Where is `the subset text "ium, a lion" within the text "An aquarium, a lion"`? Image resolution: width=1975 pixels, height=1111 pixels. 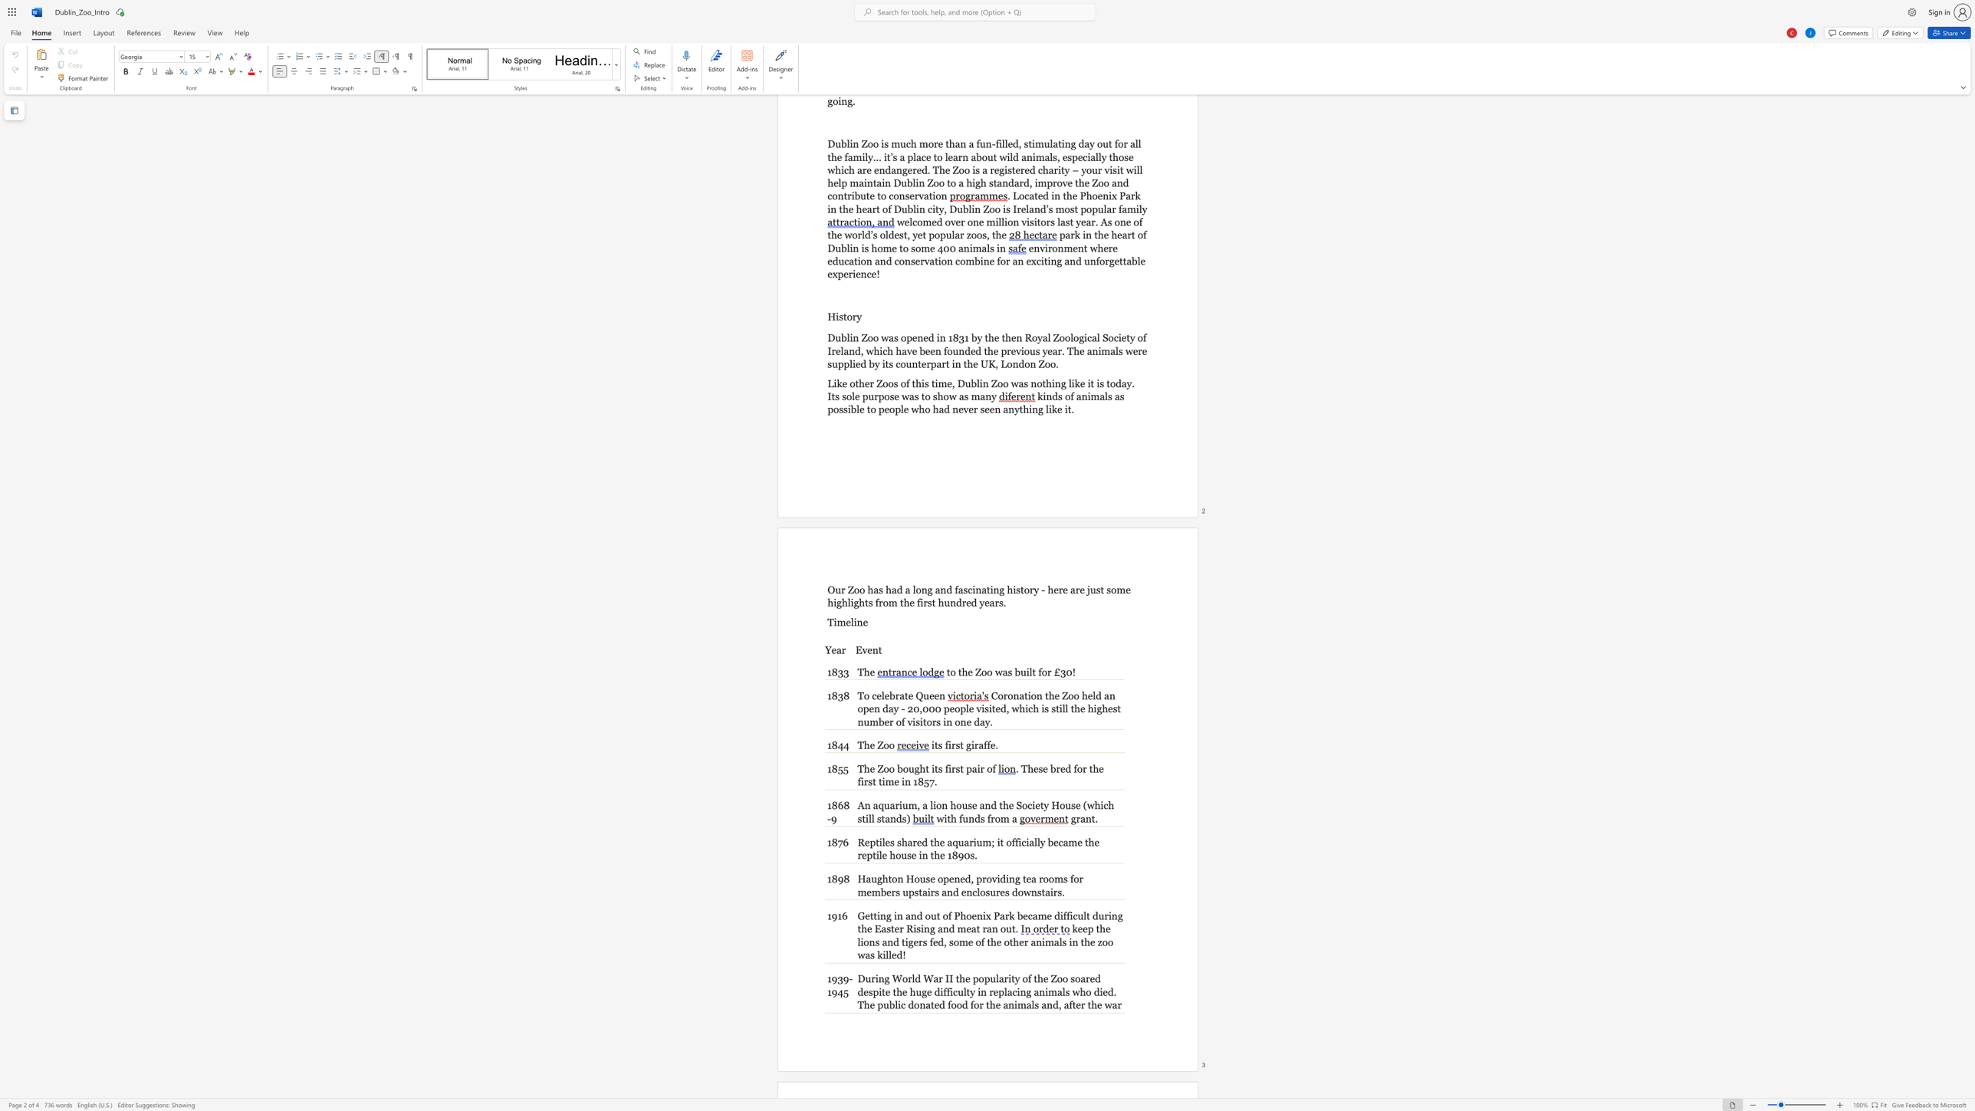
the subset text "ium, a lion" within the text "An aquarium, a lion" is located at coordinates (899, 805).